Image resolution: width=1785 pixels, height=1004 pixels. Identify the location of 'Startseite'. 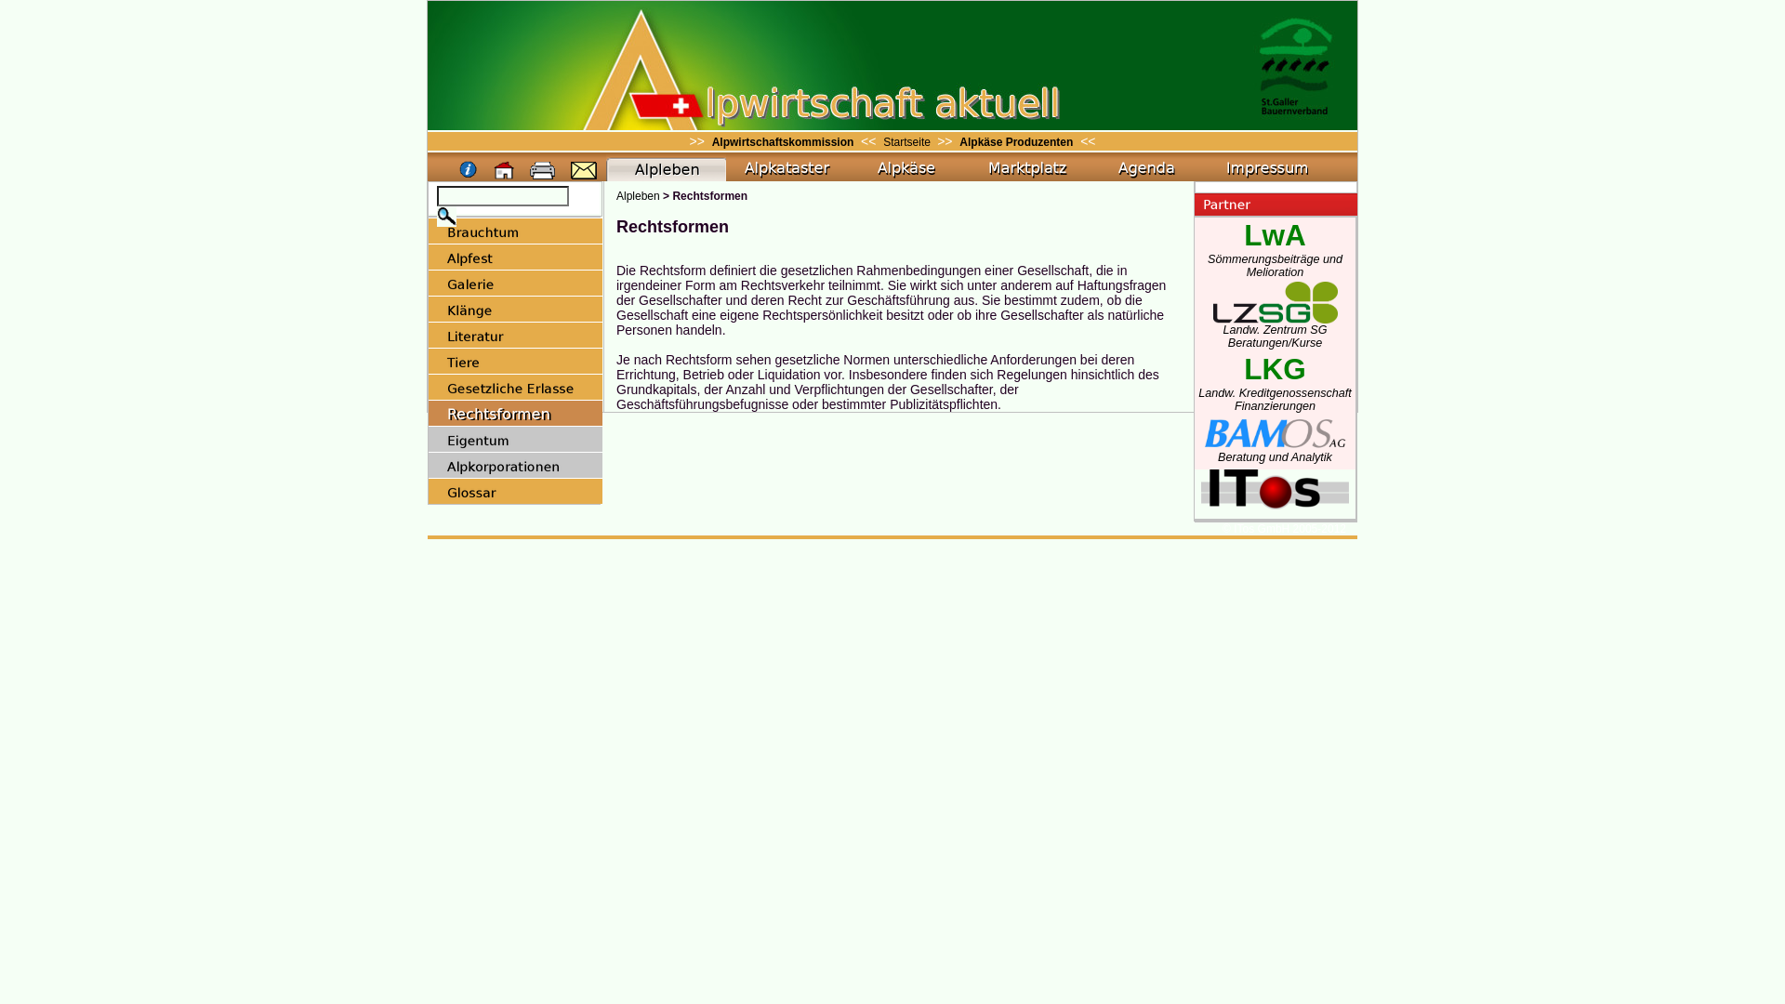
(908, 141).